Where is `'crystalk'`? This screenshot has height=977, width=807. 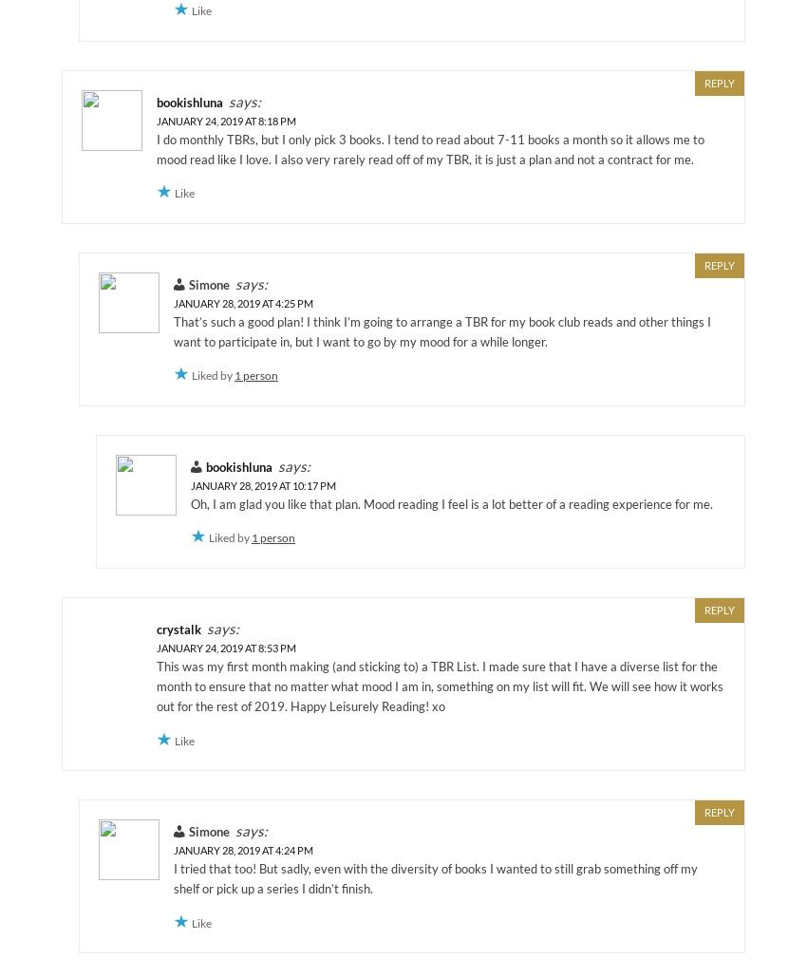
'crystalk' is located at coordinates (178, 628).